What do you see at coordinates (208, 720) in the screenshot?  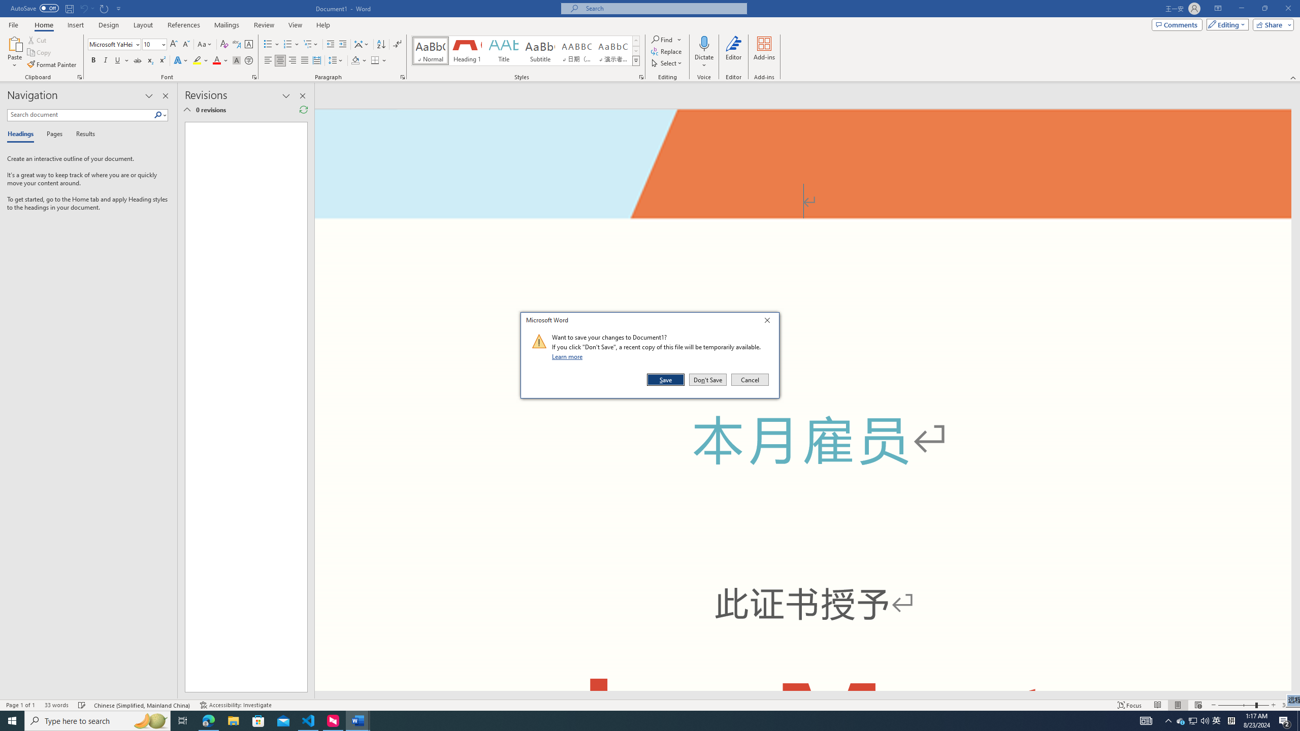 I see `'Microsoft Edge - 1 running window'` at bounding box center [208, 720].